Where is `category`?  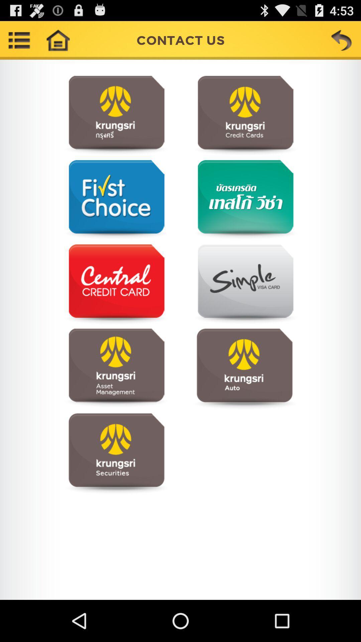 category is located at coordinates (244, 200).